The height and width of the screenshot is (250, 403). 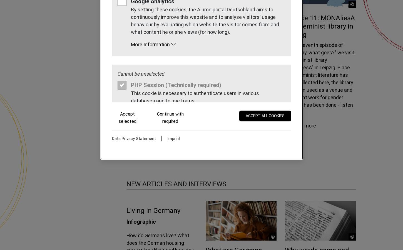 What do you see at coordinates (184, 81) in the screenshot?
I see `'Trierisch'` at bounding box center [184, 81].